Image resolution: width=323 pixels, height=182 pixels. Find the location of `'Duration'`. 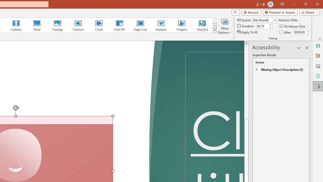

'Duration' is located at coordinates (262, 26).